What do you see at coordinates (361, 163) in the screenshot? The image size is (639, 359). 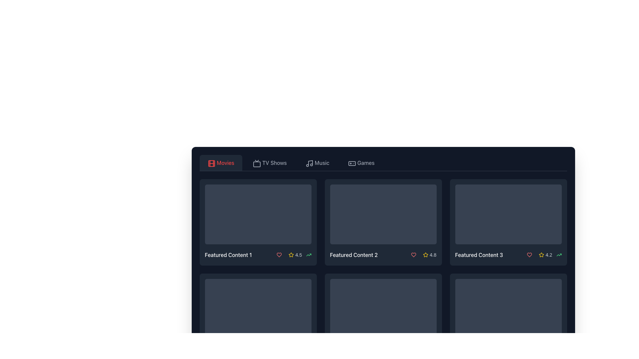 I see `the navigation button that directs users to gaming content, located as the fourth item in the top navigation bar` at bounding box center [361, 163].